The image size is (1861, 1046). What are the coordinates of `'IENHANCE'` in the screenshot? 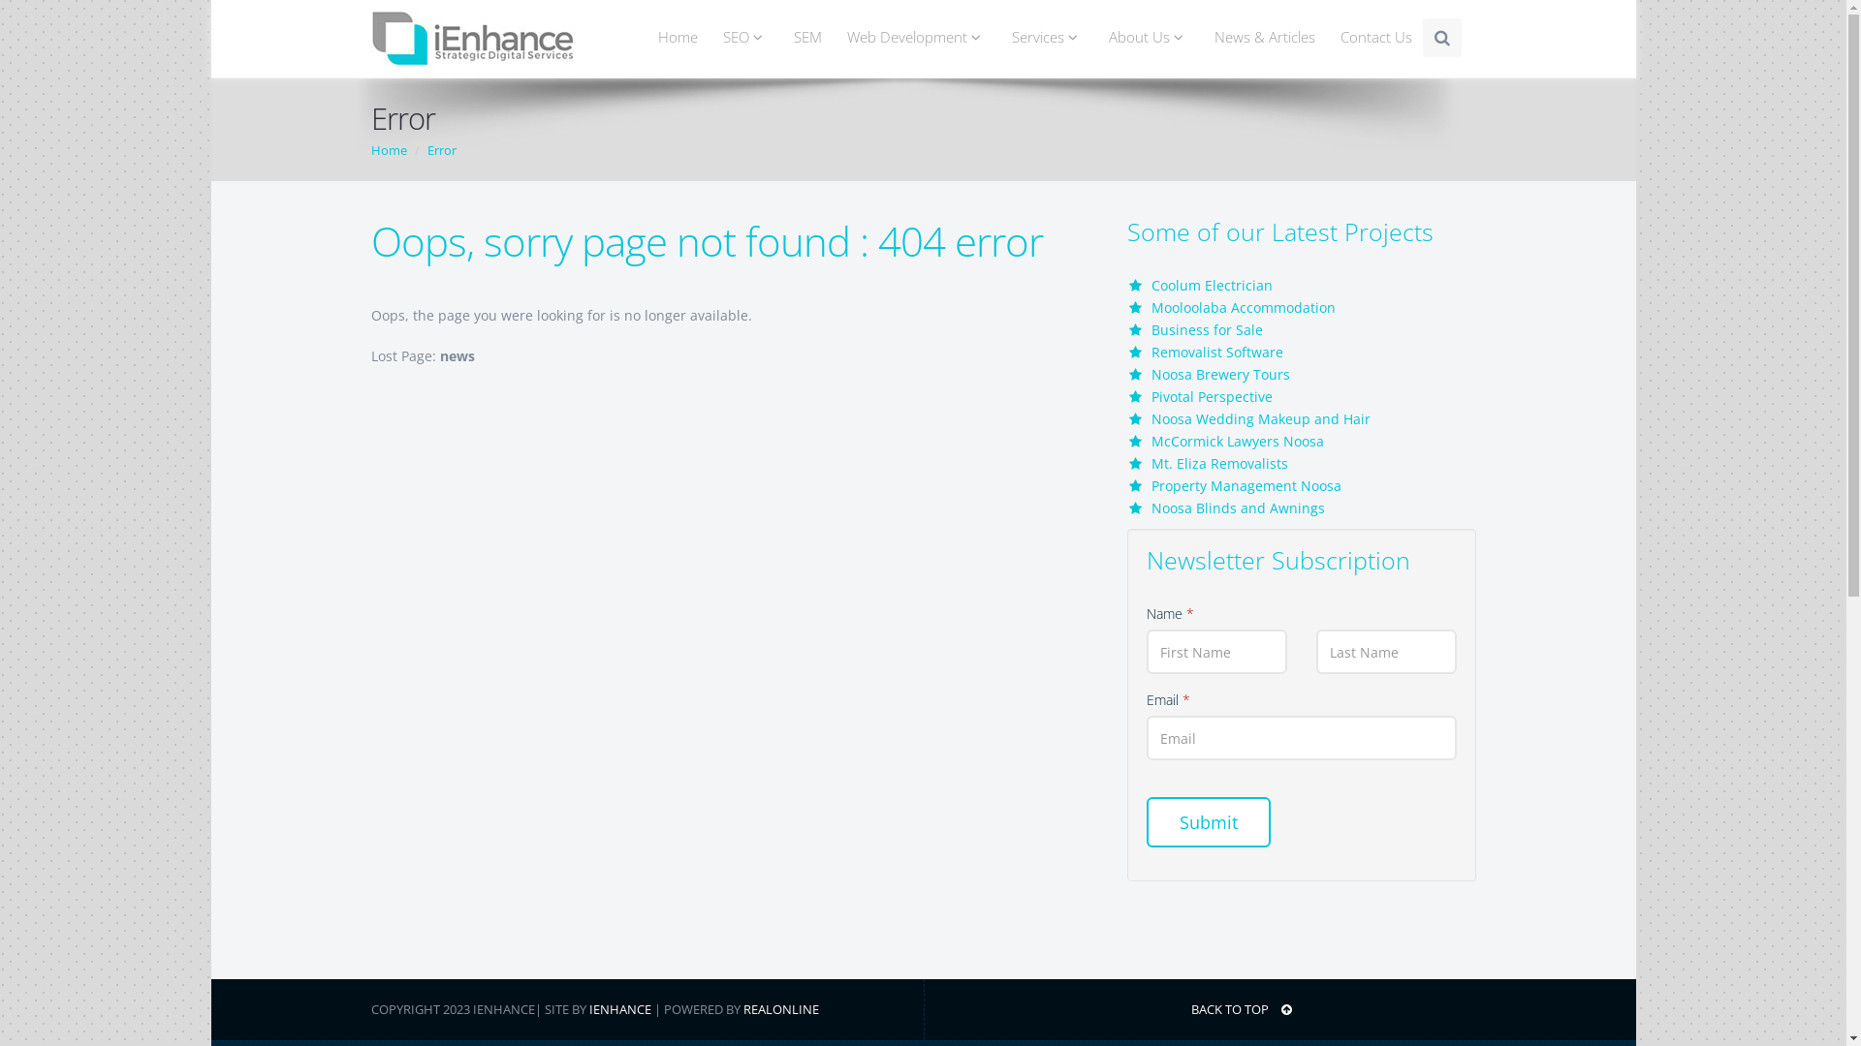 It's located at (588, 1007).